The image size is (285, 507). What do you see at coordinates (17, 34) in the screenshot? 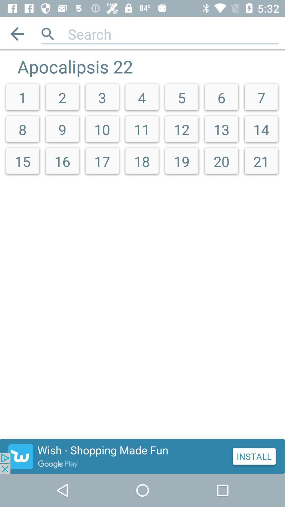
I see `the arrow_backward icon` at bounding box center [17, 34].